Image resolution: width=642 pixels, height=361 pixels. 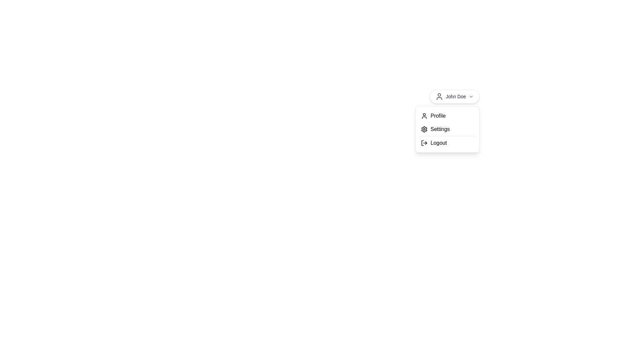 I want to click on the logout button located at the bottom of the dropdown menu, positioned directly below the 'Settings' option, to log out from the application, so click(x=447, y=142).